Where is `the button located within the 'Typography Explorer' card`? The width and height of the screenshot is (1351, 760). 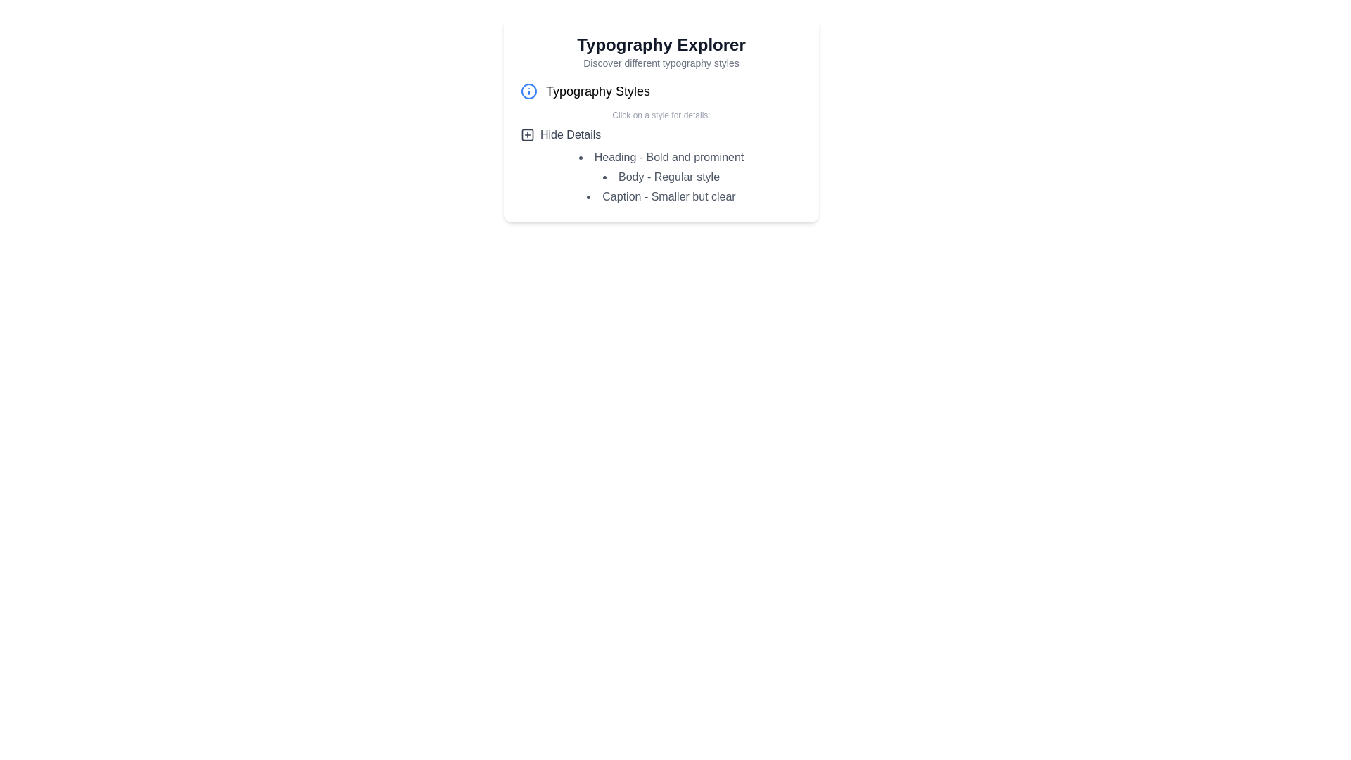
the button located within the 'Typography Explorer' card is located at coordinates (559, 135).